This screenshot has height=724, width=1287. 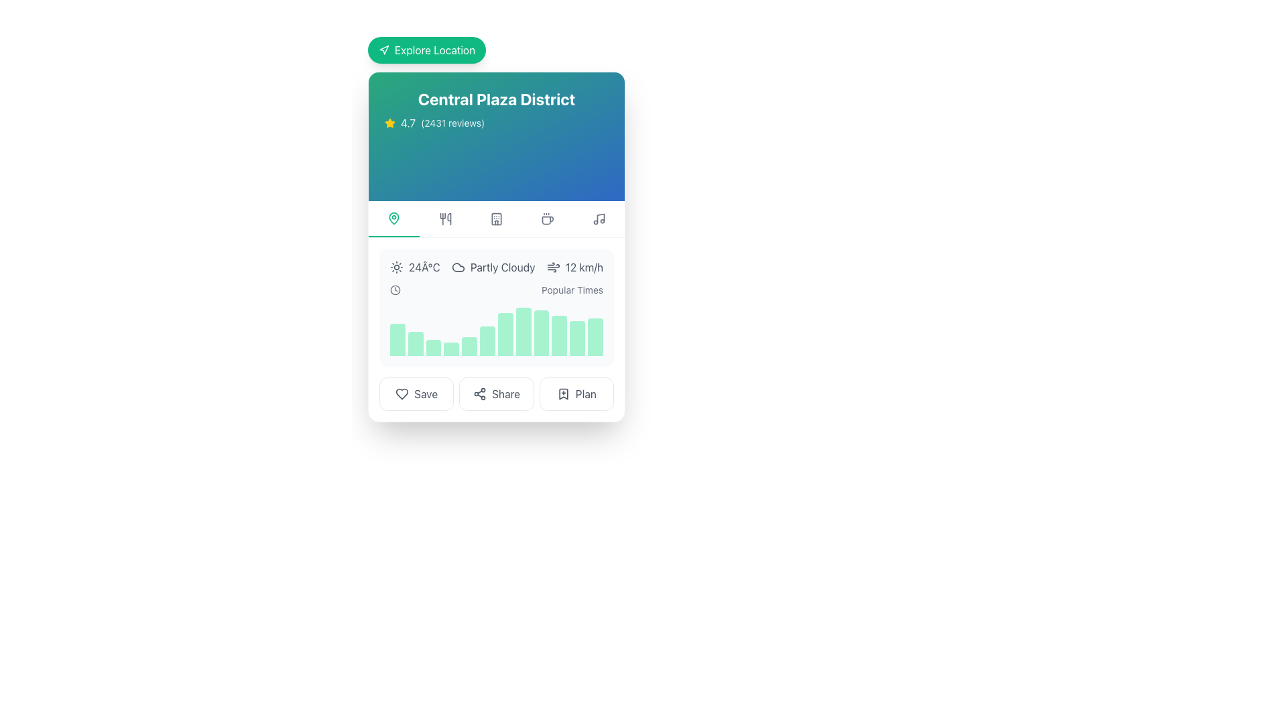 I want to click on the interactive musical note icon located at the top section of the 'Central Plaza District' card, so click(x=598, y=219).